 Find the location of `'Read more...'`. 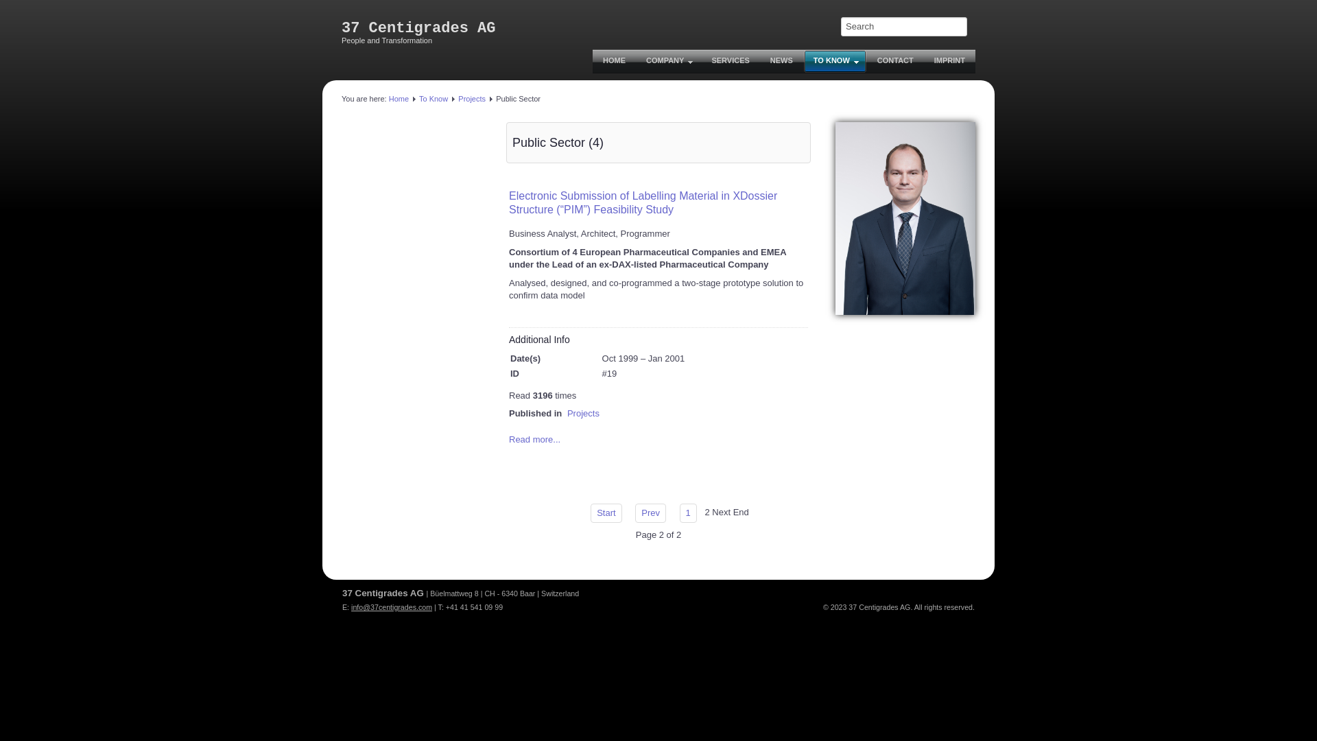

'Read more...' is located at coordinates (534, 439).